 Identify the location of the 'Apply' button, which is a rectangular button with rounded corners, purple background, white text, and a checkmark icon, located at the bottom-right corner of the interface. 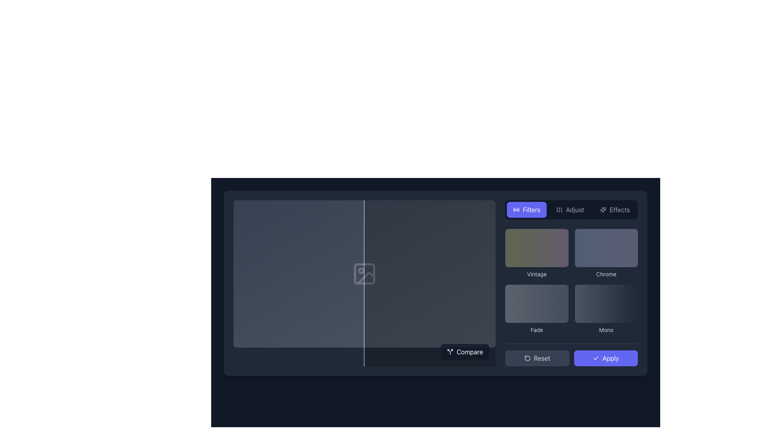
(606, 358).